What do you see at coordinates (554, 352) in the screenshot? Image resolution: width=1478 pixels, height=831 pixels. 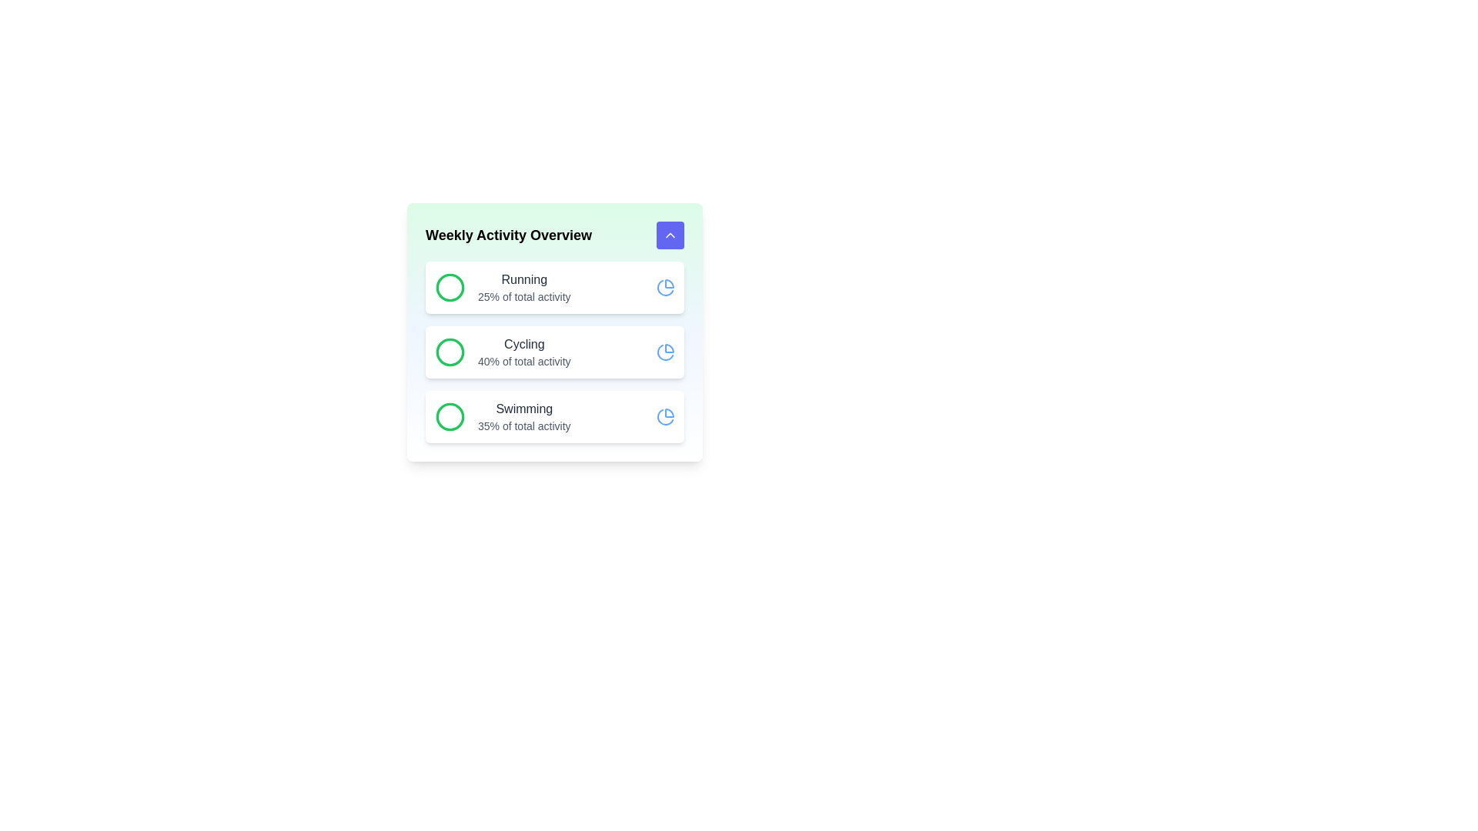 I see `the Cycling activity summary card, which indicates its contribution to the total activity (40%) and is the second item` at bounding box center [554, 352].